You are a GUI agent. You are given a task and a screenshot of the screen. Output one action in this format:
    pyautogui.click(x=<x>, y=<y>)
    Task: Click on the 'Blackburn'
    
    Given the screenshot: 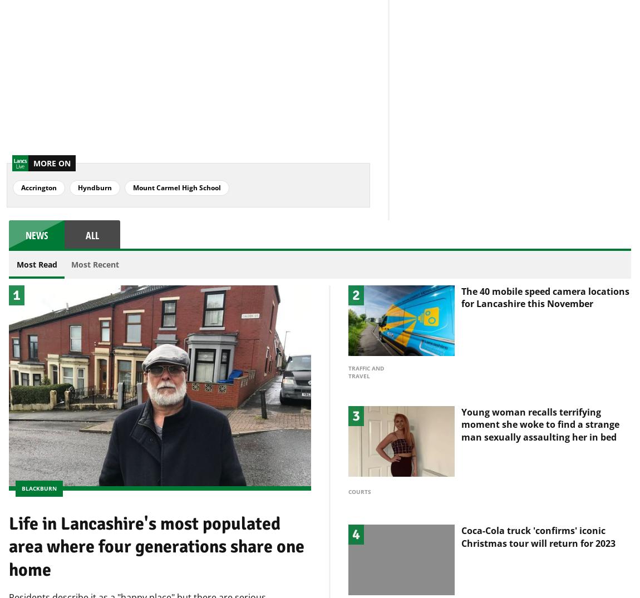 What is the action you would take?
    pyautogui.click(x=38, y=469)
    